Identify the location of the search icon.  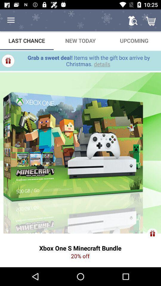
(133, 20).